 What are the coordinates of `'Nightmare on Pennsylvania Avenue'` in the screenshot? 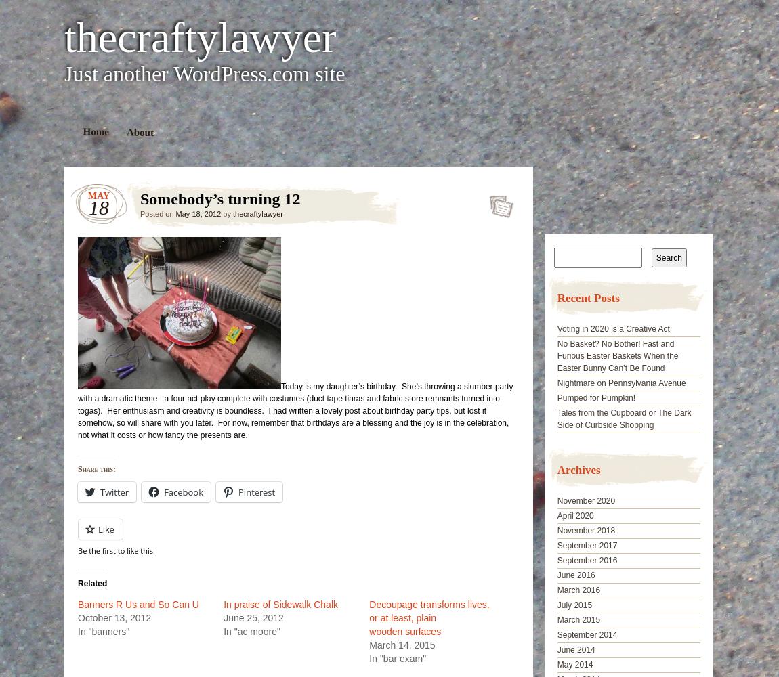 It's located at (621, 383).